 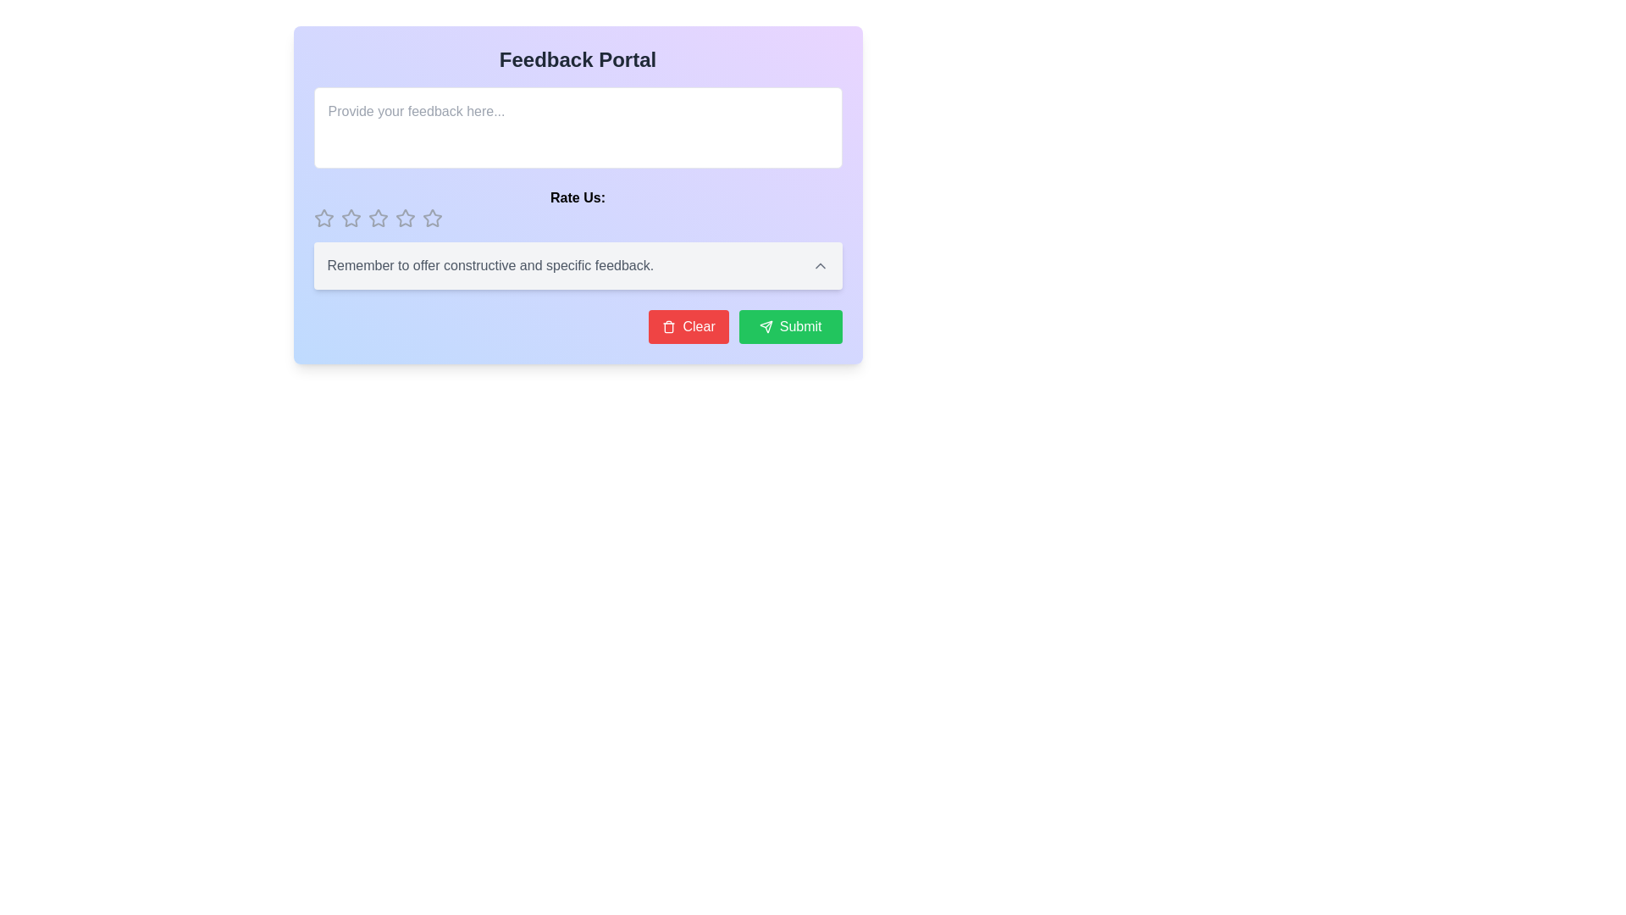 What do you see at coordinates (578, 265) in the screenshot?
I see `the text element providing feedback quality expectations located near the bottom-center of the interface below the star icons` at bounding box center [578, 265].